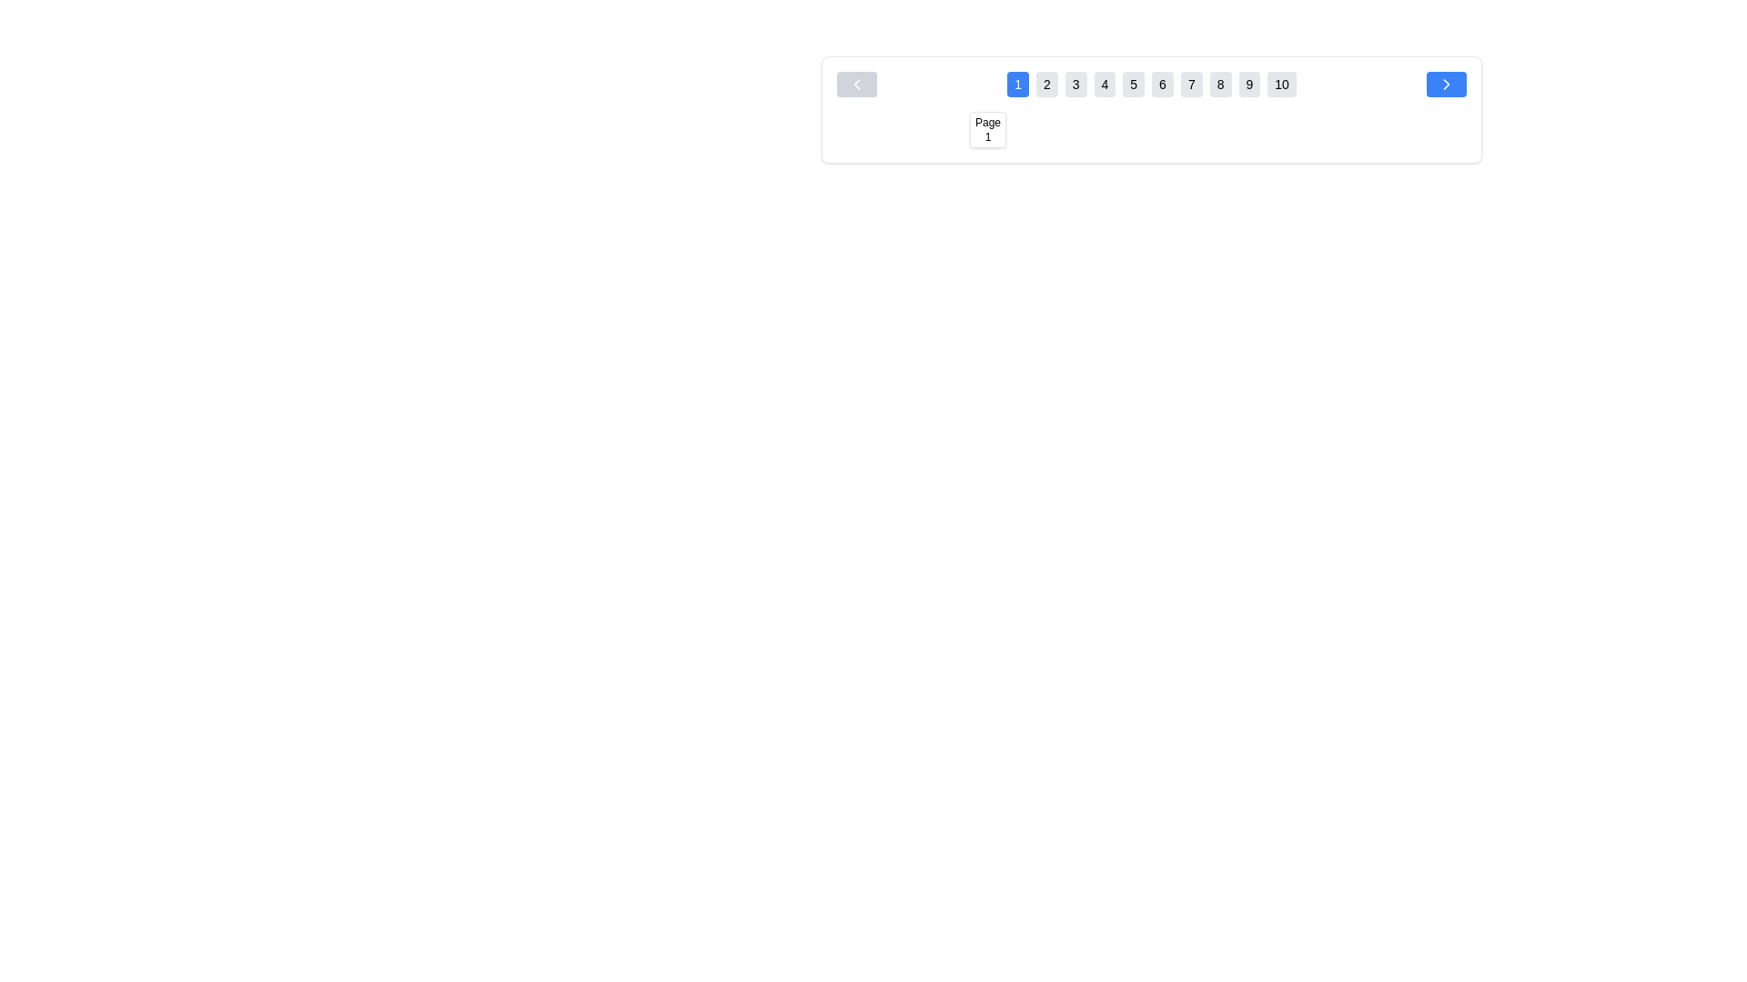  Describe the element at coordinates (1151, 109) in the screenshot. I see `the Pagination control located centrally above the page display area to trigger visual feedback` at that location.